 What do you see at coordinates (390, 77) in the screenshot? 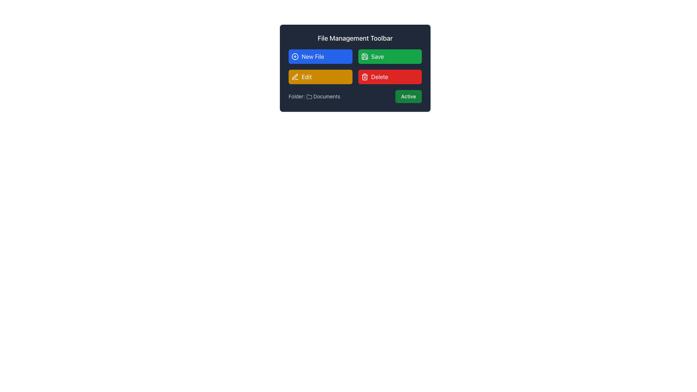
I see `the 'Delete' button, which is a rectangular button with a red background, white trash can icon, and white text, located in the bottom-right corner of the grid layout` at bounding box center [390, 77].